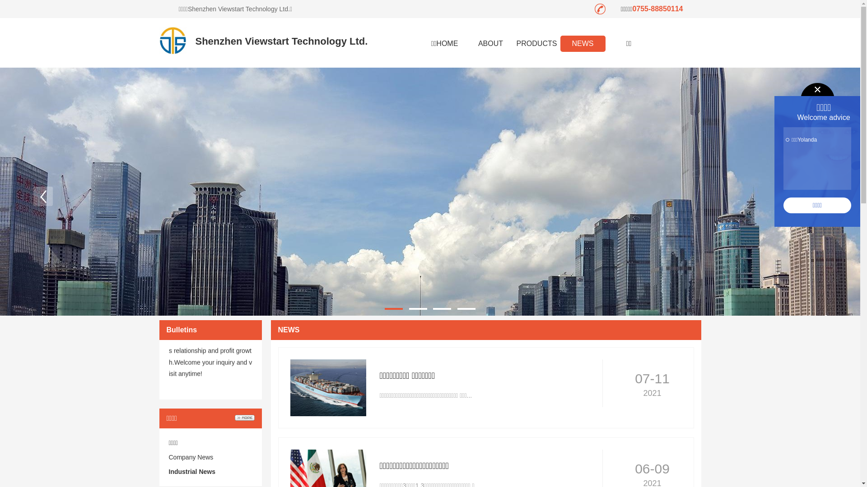  Describe the element at coordinates (281, 41) in the screenshot. I see `'Shenzhen Viewstart Technology Ltd.'` at that location.